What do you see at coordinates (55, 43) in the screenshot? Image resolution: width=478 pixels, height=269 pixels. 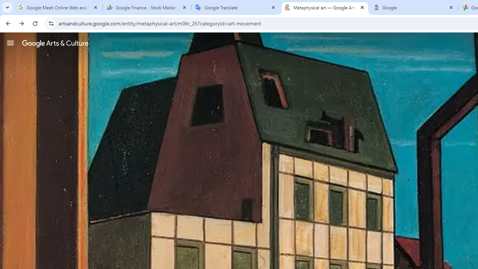 I see `'Google Arts & Culture'` at bounding box center [55, 43].